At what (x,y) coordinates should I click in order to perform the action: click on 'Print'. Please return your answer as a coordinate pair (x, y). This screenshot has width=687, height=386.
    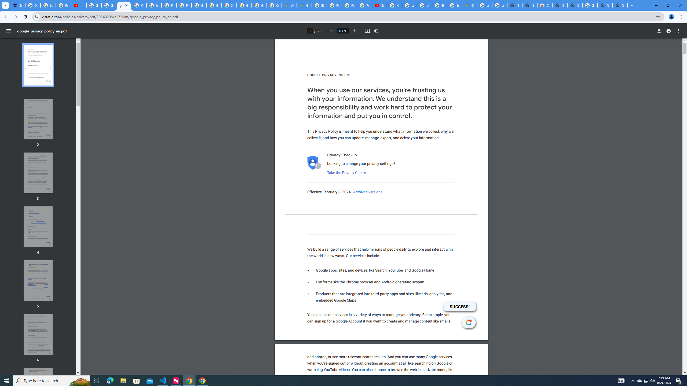
    Looking at the image, I should click on (668, 31).